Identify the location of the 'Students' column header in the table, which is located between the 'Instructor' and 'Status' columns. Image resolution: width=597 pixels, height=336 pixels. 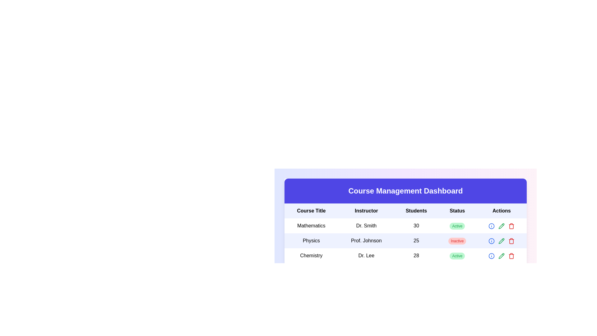
(405, 211).